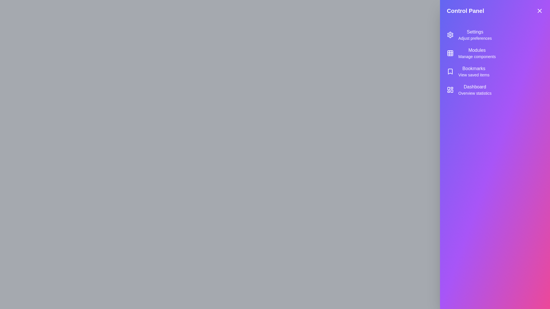 The height and width of the screenshot is (309, 550). I want to click on the Navigation link in the right-hand sidebar, so click(495, 35).